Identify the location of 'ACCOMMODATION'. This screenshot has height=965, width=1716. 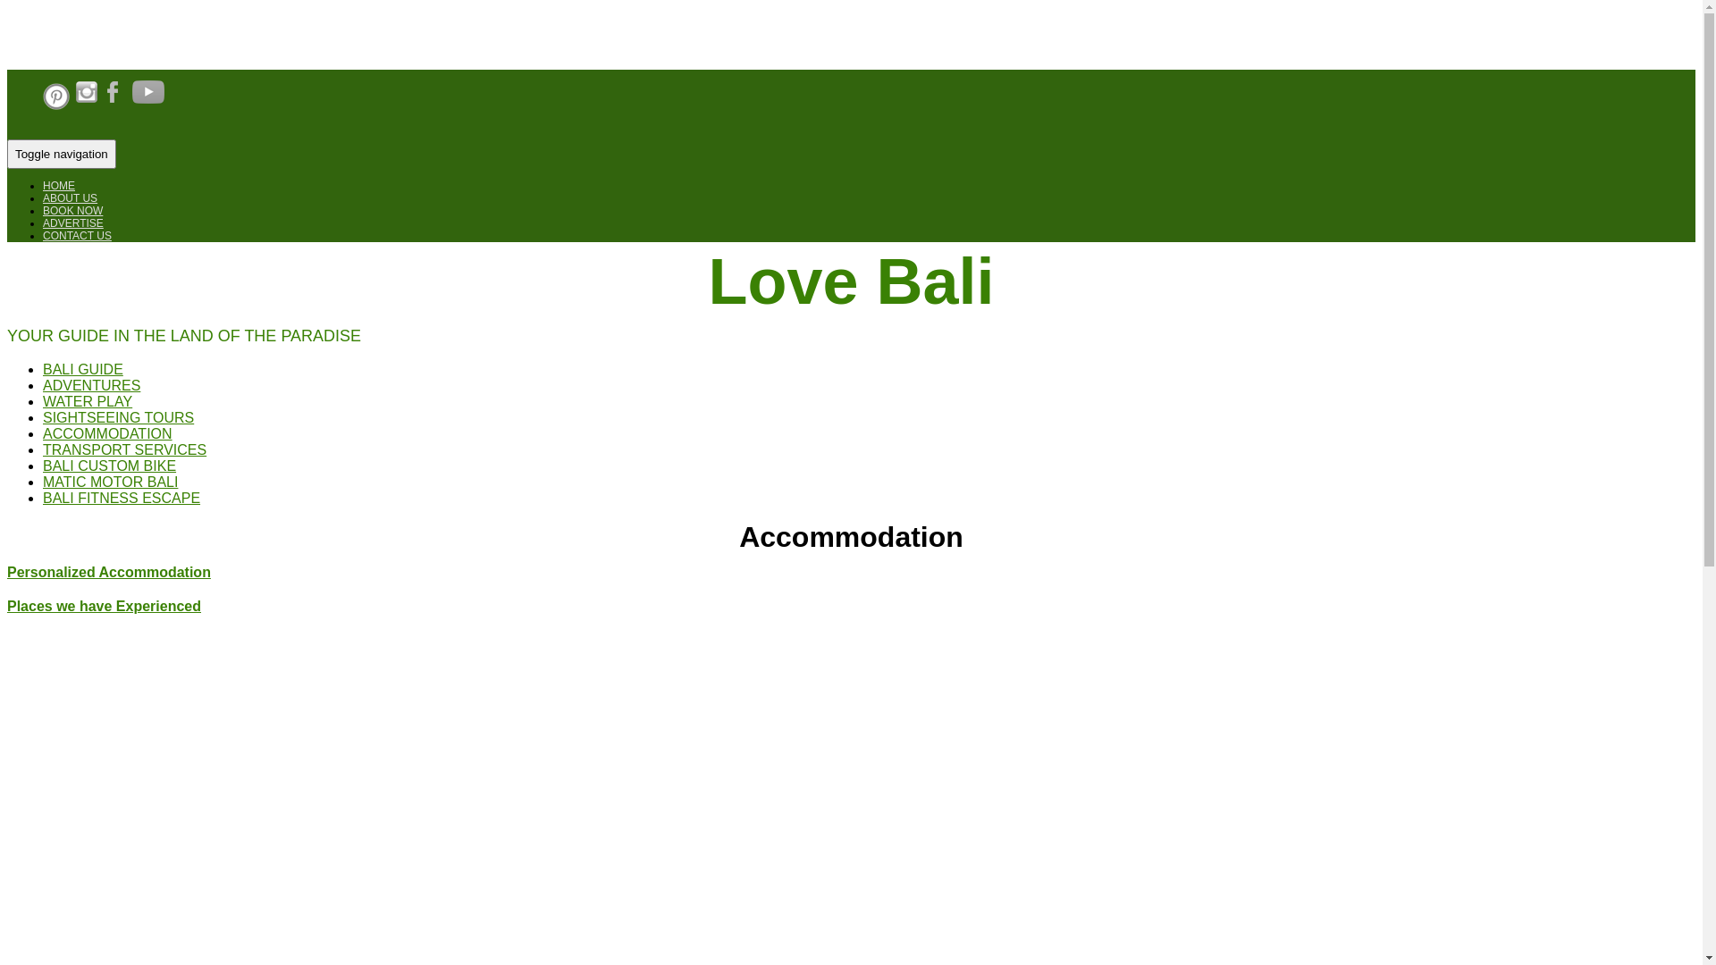
(106, 433).